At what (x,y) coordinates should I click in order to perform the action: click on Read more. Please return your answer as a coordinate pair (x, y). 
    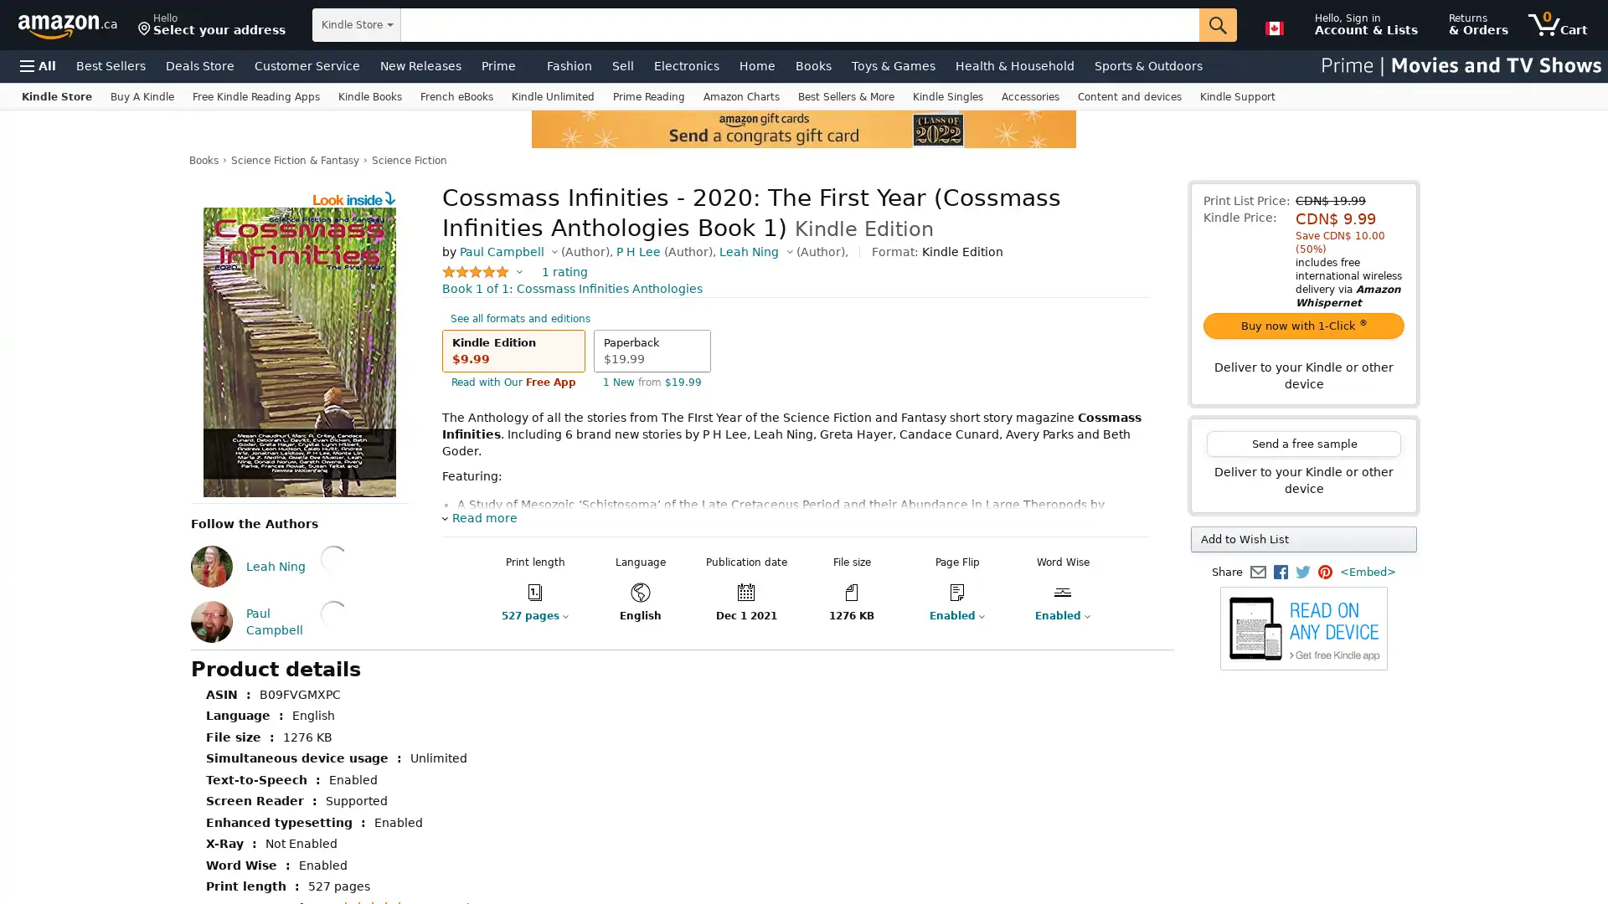
    Looking at the image, I should click on (478, 535).